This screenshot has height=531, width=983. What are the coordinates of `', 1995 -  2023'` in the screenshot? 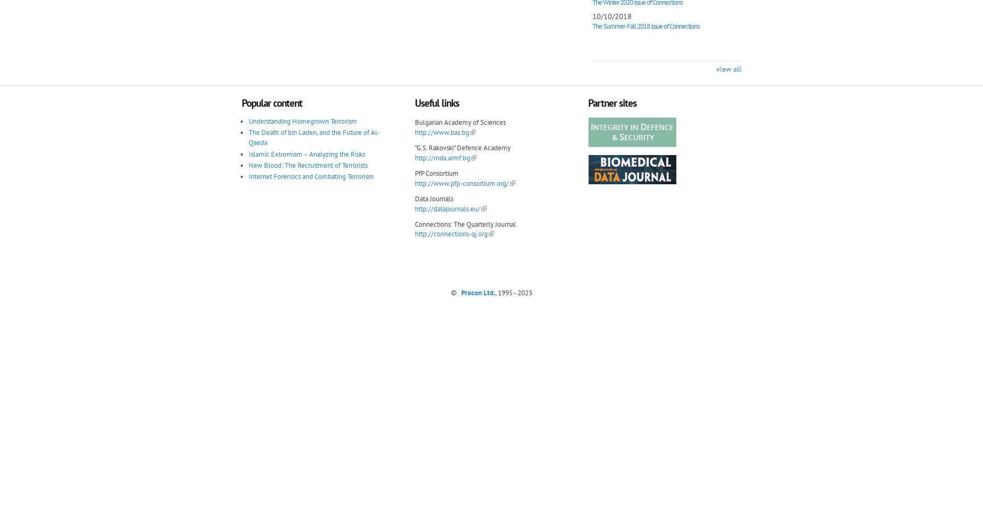 It's located at (513, 293).